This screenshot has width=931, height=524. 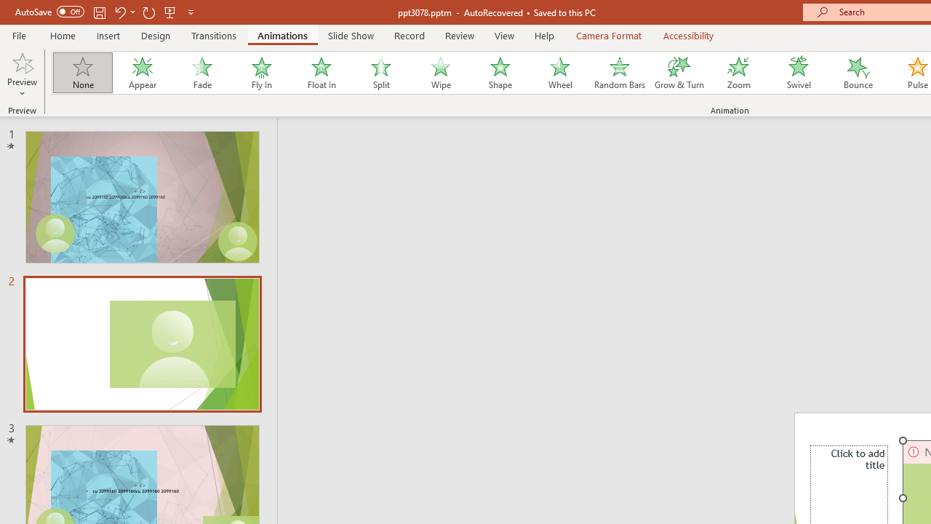 What do you see at coordinates (500, 73) in the screenshot?
I see `'Shape'` at bounding box center [500, 73].